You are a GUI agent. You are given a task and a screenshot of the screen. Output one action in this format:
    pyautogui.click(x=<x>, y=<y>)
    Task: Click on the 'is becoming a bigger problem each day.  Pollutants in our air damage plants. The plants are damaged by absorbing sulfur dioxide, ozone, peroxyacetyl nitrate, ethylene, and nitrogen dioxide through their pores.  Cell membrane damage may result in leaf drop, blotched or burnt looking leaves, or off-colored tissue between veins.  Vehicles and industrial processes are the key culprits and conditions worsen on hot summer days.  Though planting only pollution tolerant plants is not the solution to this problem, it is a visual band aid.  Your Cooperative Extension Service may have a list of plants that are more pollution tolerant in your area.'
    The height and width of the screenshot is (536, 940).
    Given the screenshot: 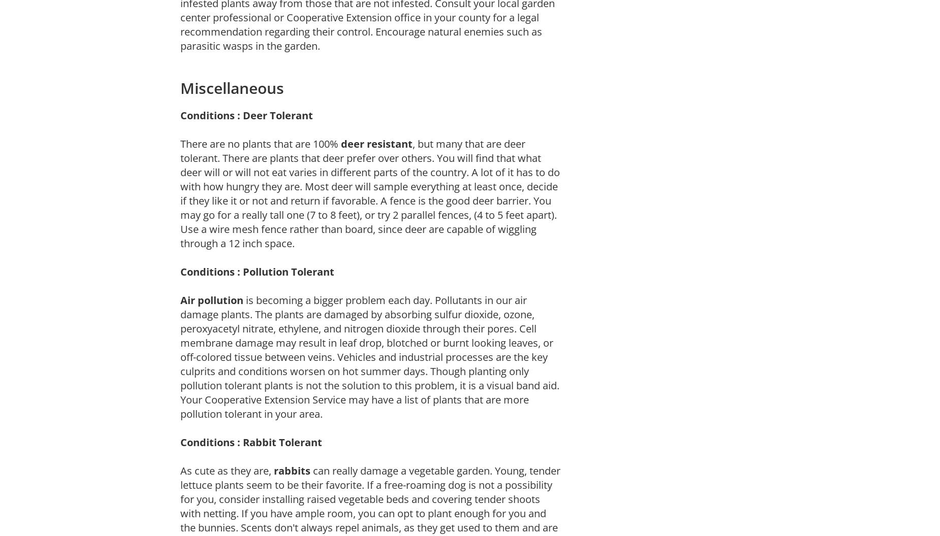 What is the action you would take?
    pyautogui.click(x=180, y=356)
    